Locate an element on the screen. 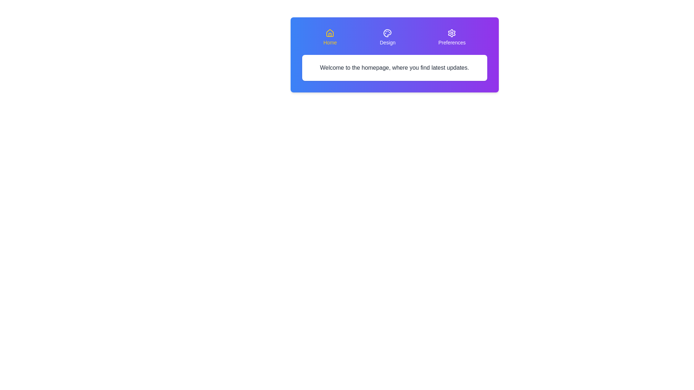 The width and height of the screenshot is (694, 390). the Preferences tab by clicking on it is located at coordinates (451, 38).